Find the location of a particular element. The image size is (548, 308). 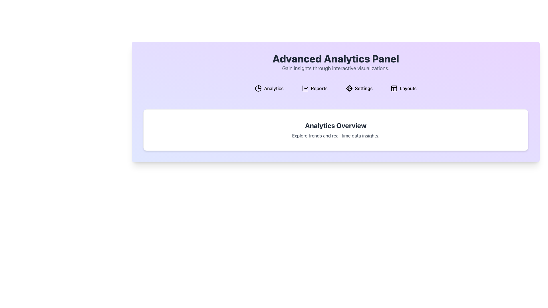

the fourth tab button in the navigation bar, which is related to layouts or design configurations is located at coordinates (403, 88).